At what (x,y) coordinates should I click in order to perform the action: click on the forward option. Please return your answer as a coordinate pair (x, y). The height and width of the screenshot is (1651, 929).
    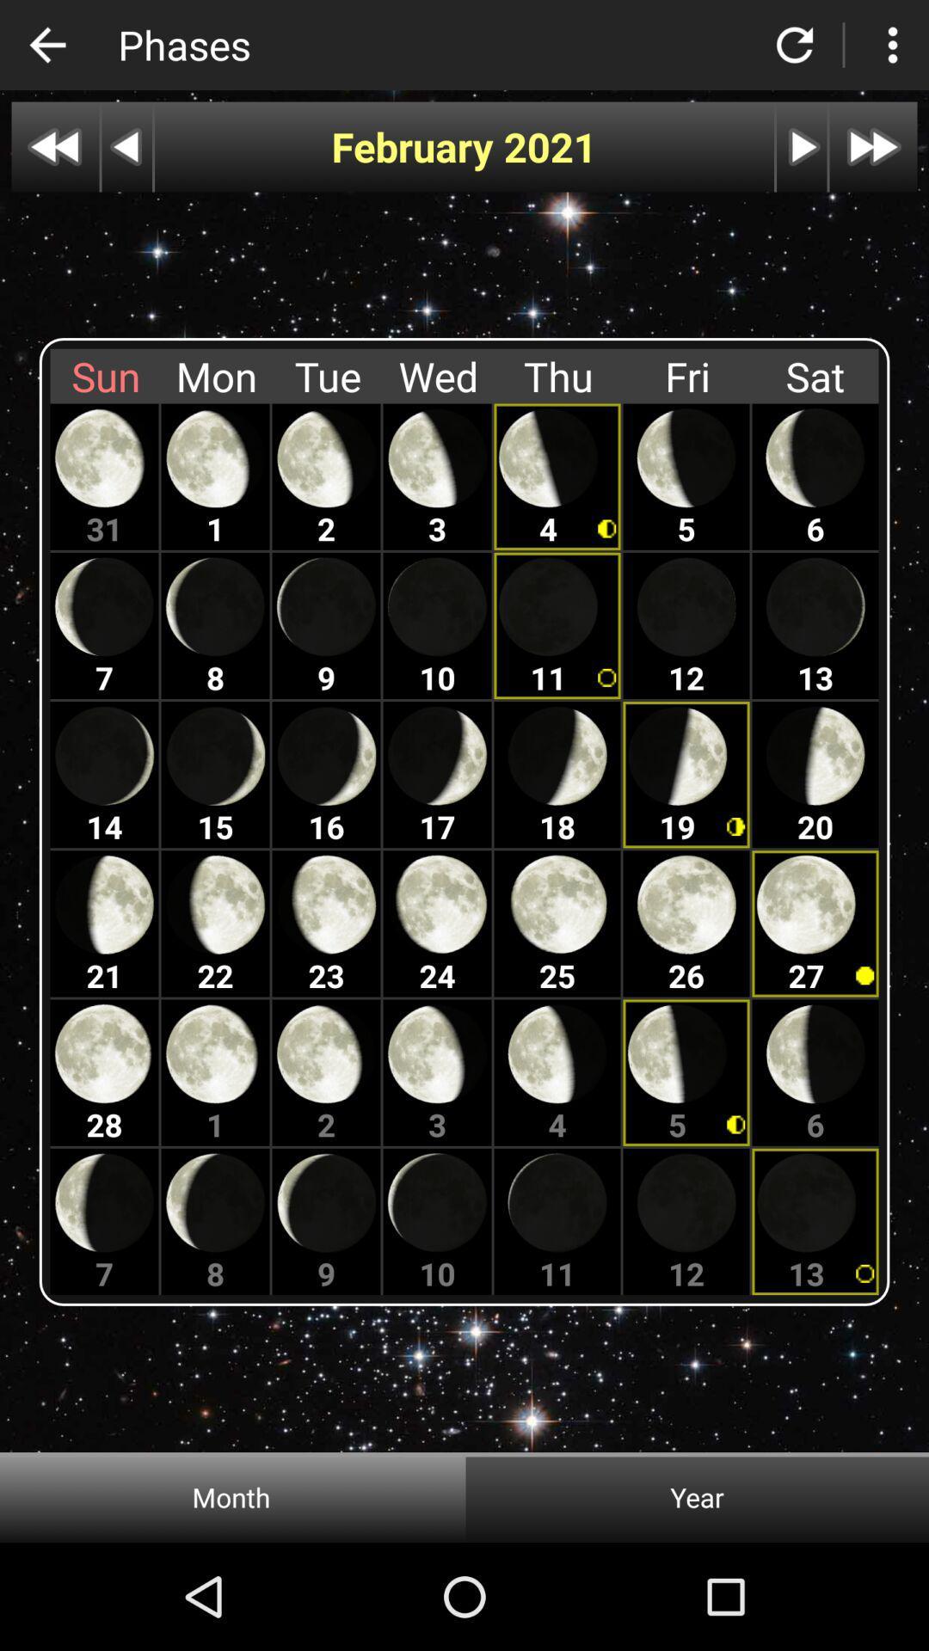
    Looking at the image, I should click on (873, 147).